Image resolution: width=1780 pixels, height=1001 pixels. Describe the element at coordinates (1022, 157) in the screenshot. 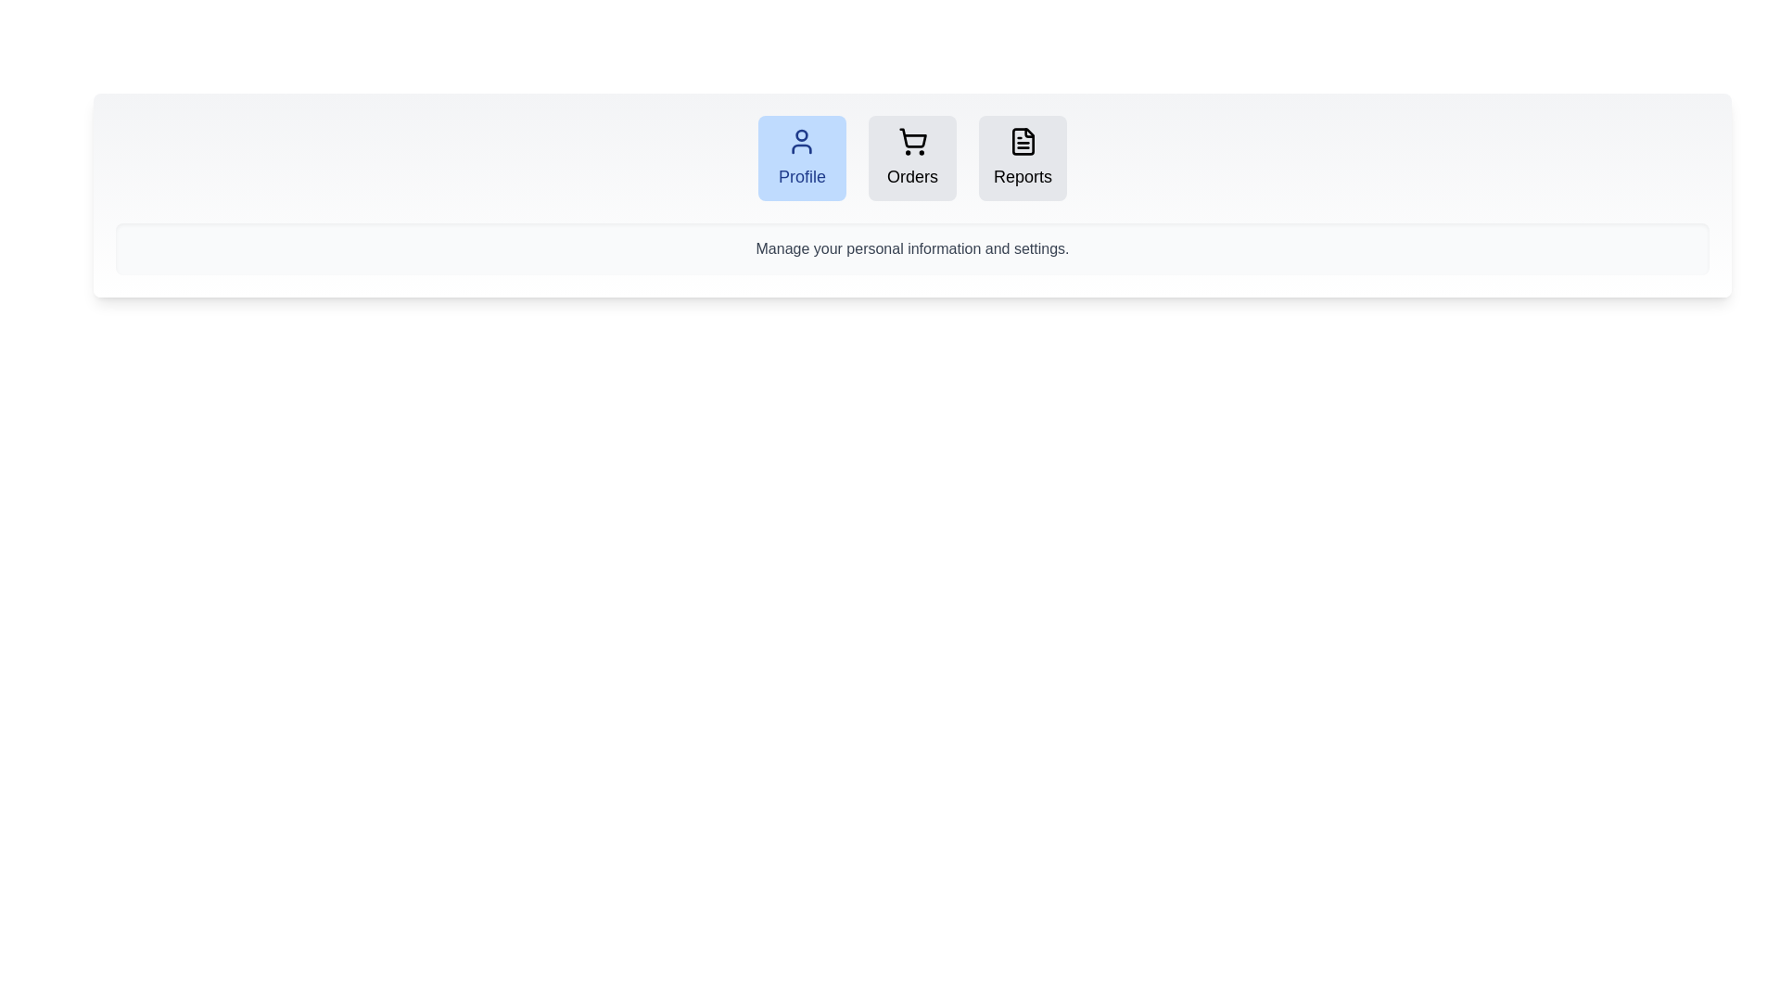

I see `the tab labeled Reports to observe its hover effect` at that location.